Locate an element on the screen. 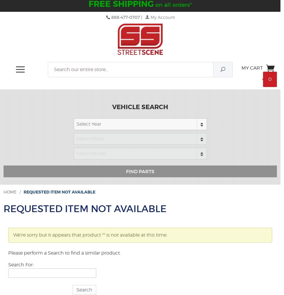  '888-477-0707' is located at coordinates (124, 17).